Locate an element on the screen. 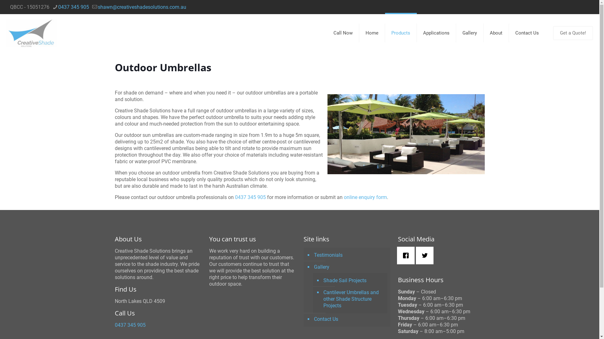 The image size is (604, 339). 'Cantilever Umbrellas and other Shade Structure Projects' is located at coordinates (322, 299).